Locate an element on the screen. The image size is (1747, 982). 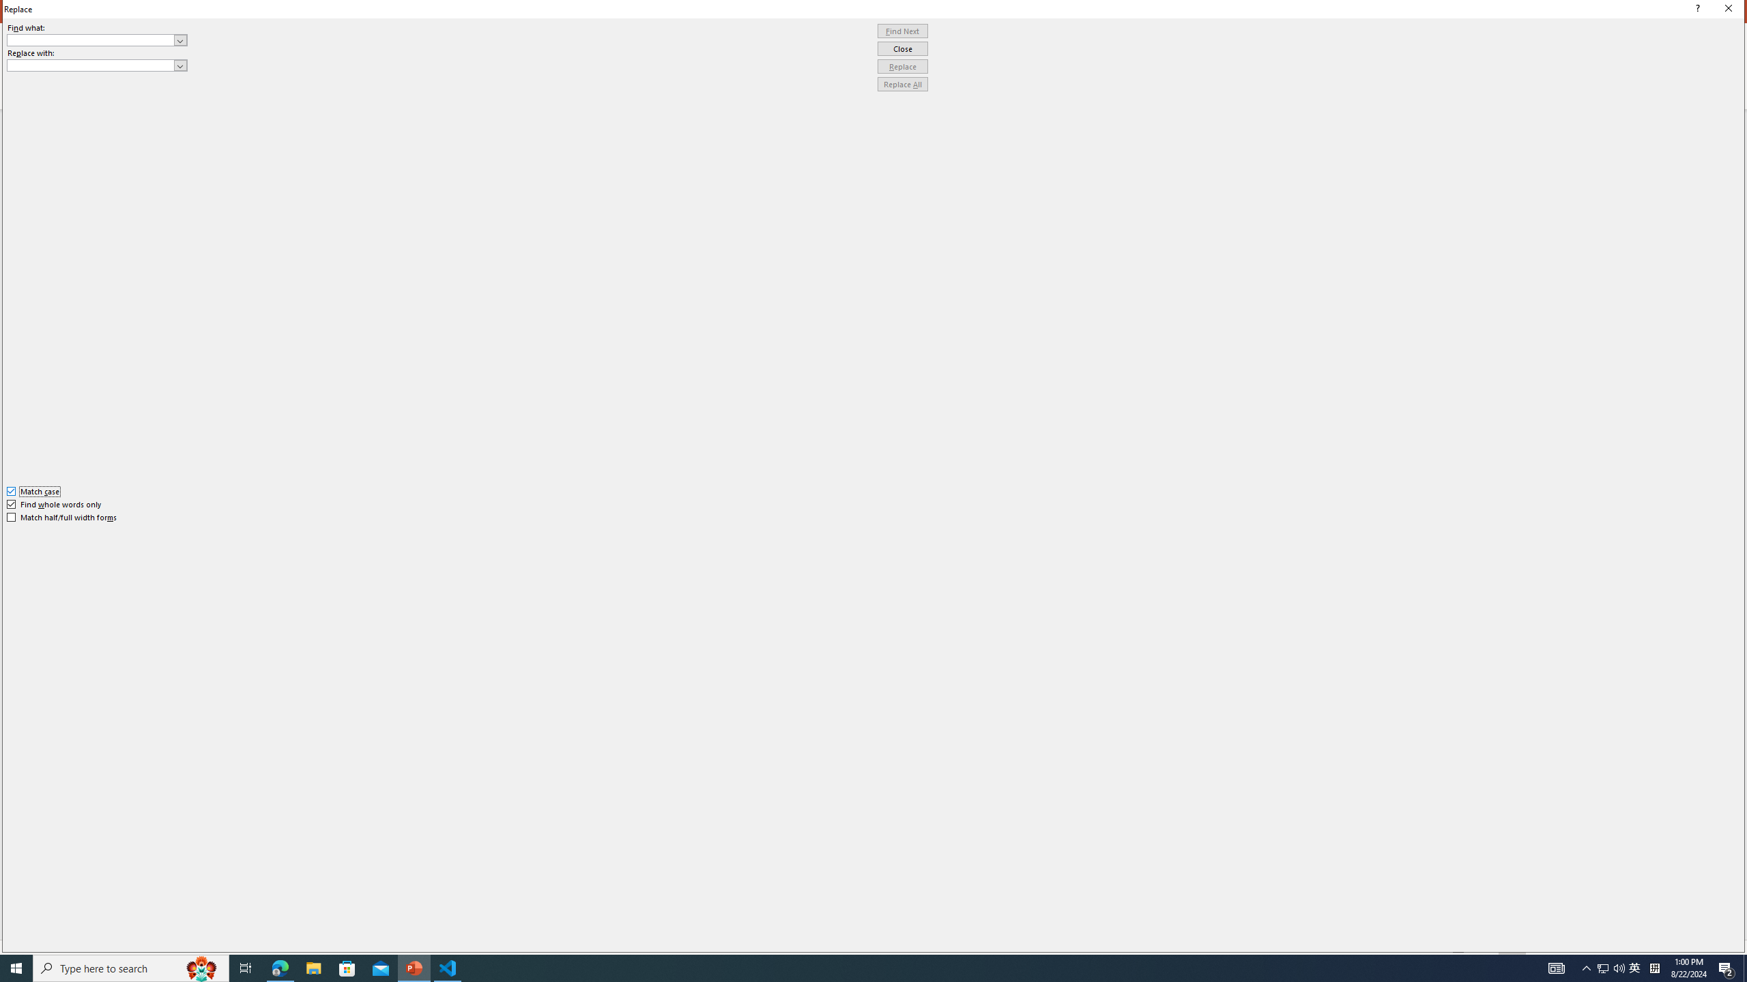
'Replace All' is located at coordinates (902, 83).